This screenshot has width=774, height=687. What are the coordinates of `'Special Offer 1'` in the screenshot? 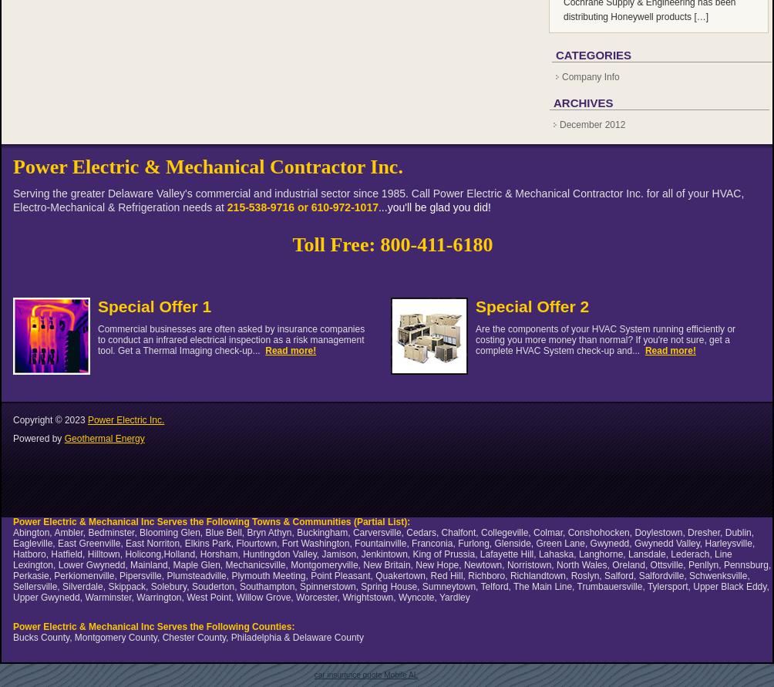 It's located at (153, 306).